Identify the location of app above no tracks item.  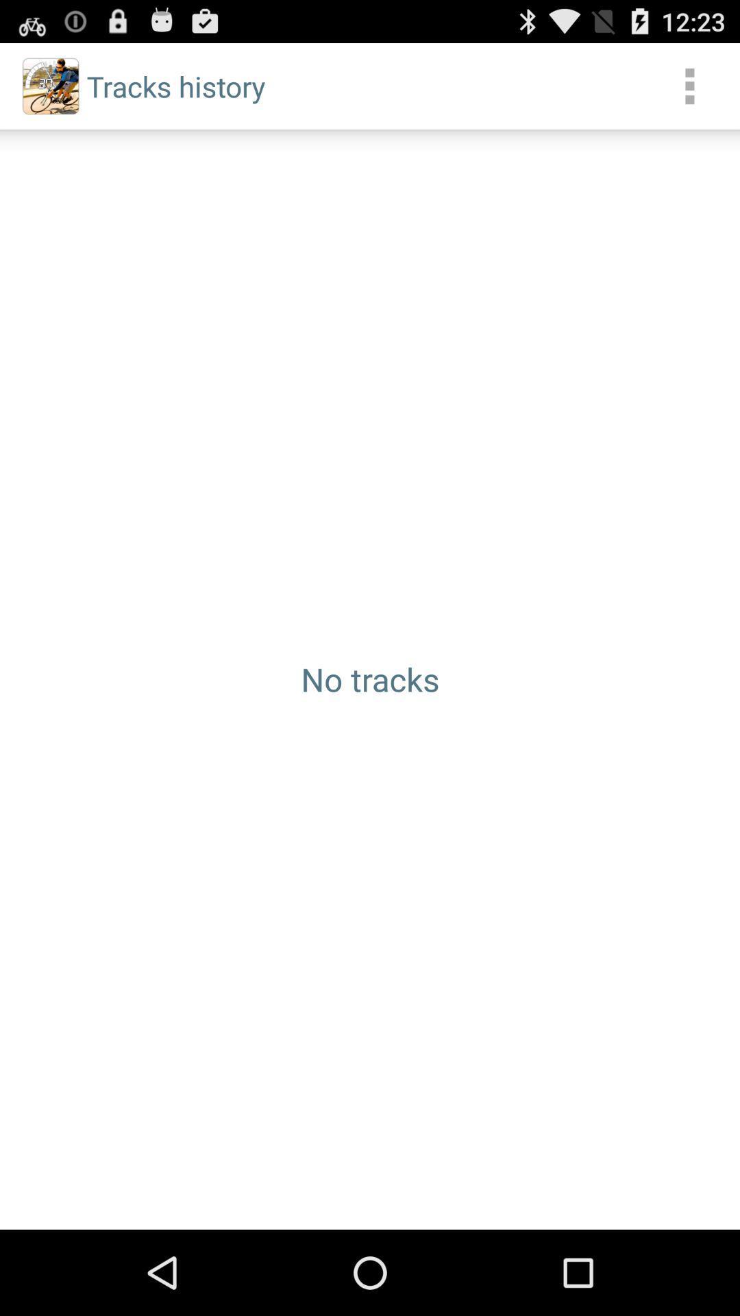
(689, 85).